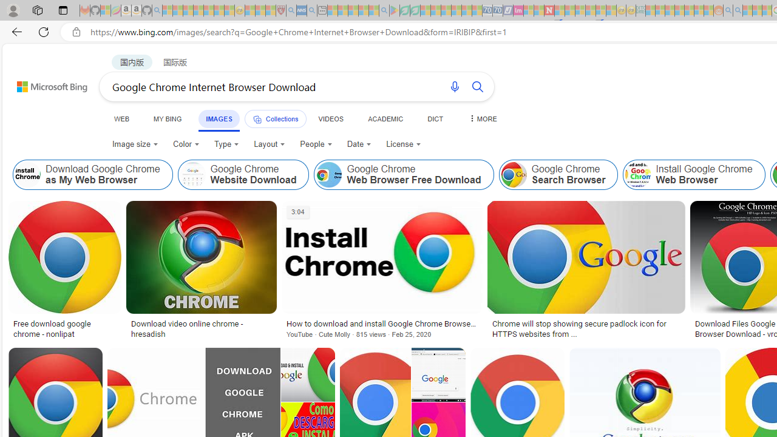 The image size is (777, 437). Describe the element at coordinates (689, 10) in the screenshot. I see `'Kinda Frugal - MSN - Sleeping'` at that location.